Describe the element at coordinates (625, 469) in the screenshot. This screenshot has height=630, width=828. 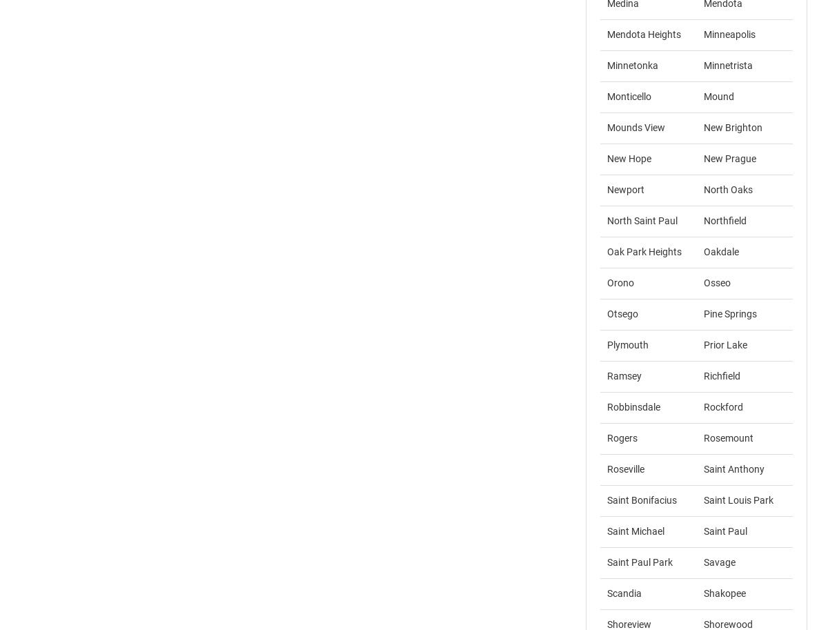
I see `'Roseville'` at that location.